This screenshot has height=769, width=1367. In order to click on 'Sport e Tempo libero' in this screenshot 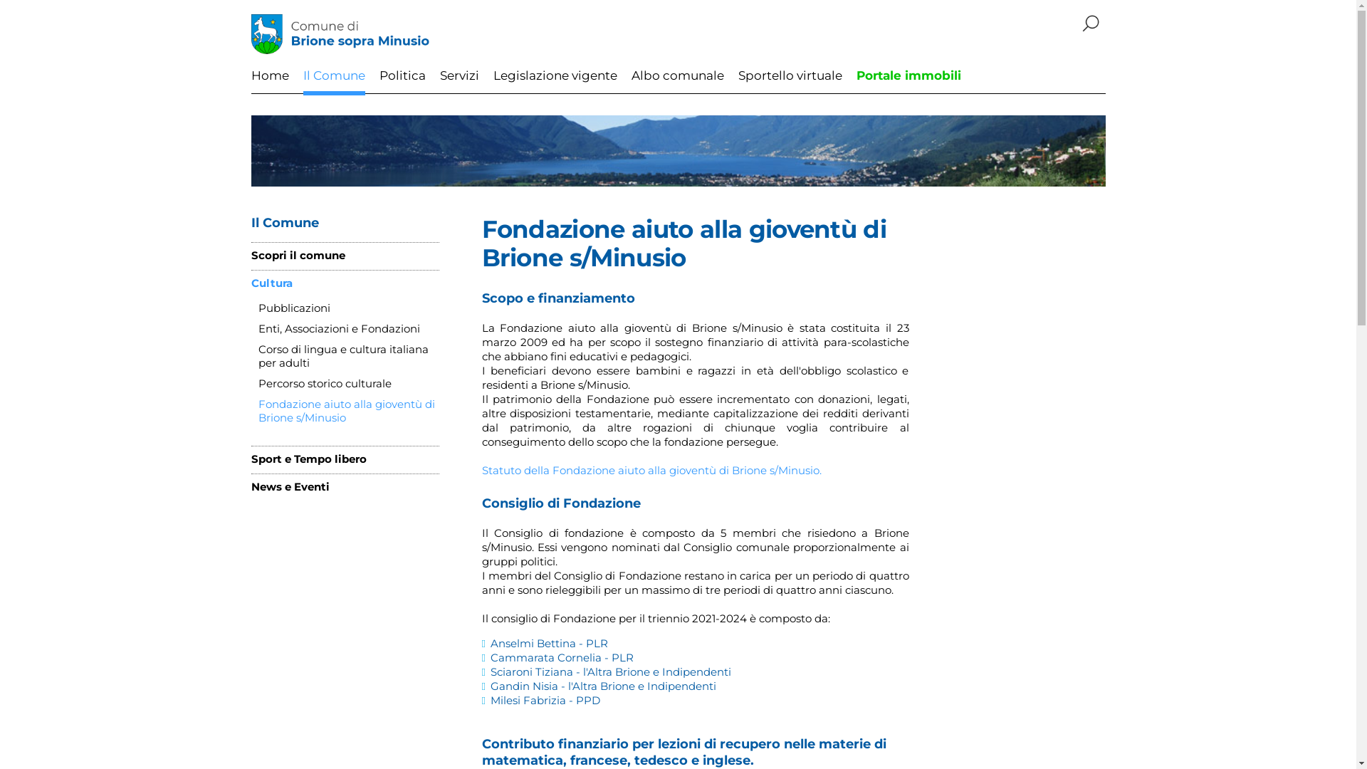, I will do `click(250, 459)`.